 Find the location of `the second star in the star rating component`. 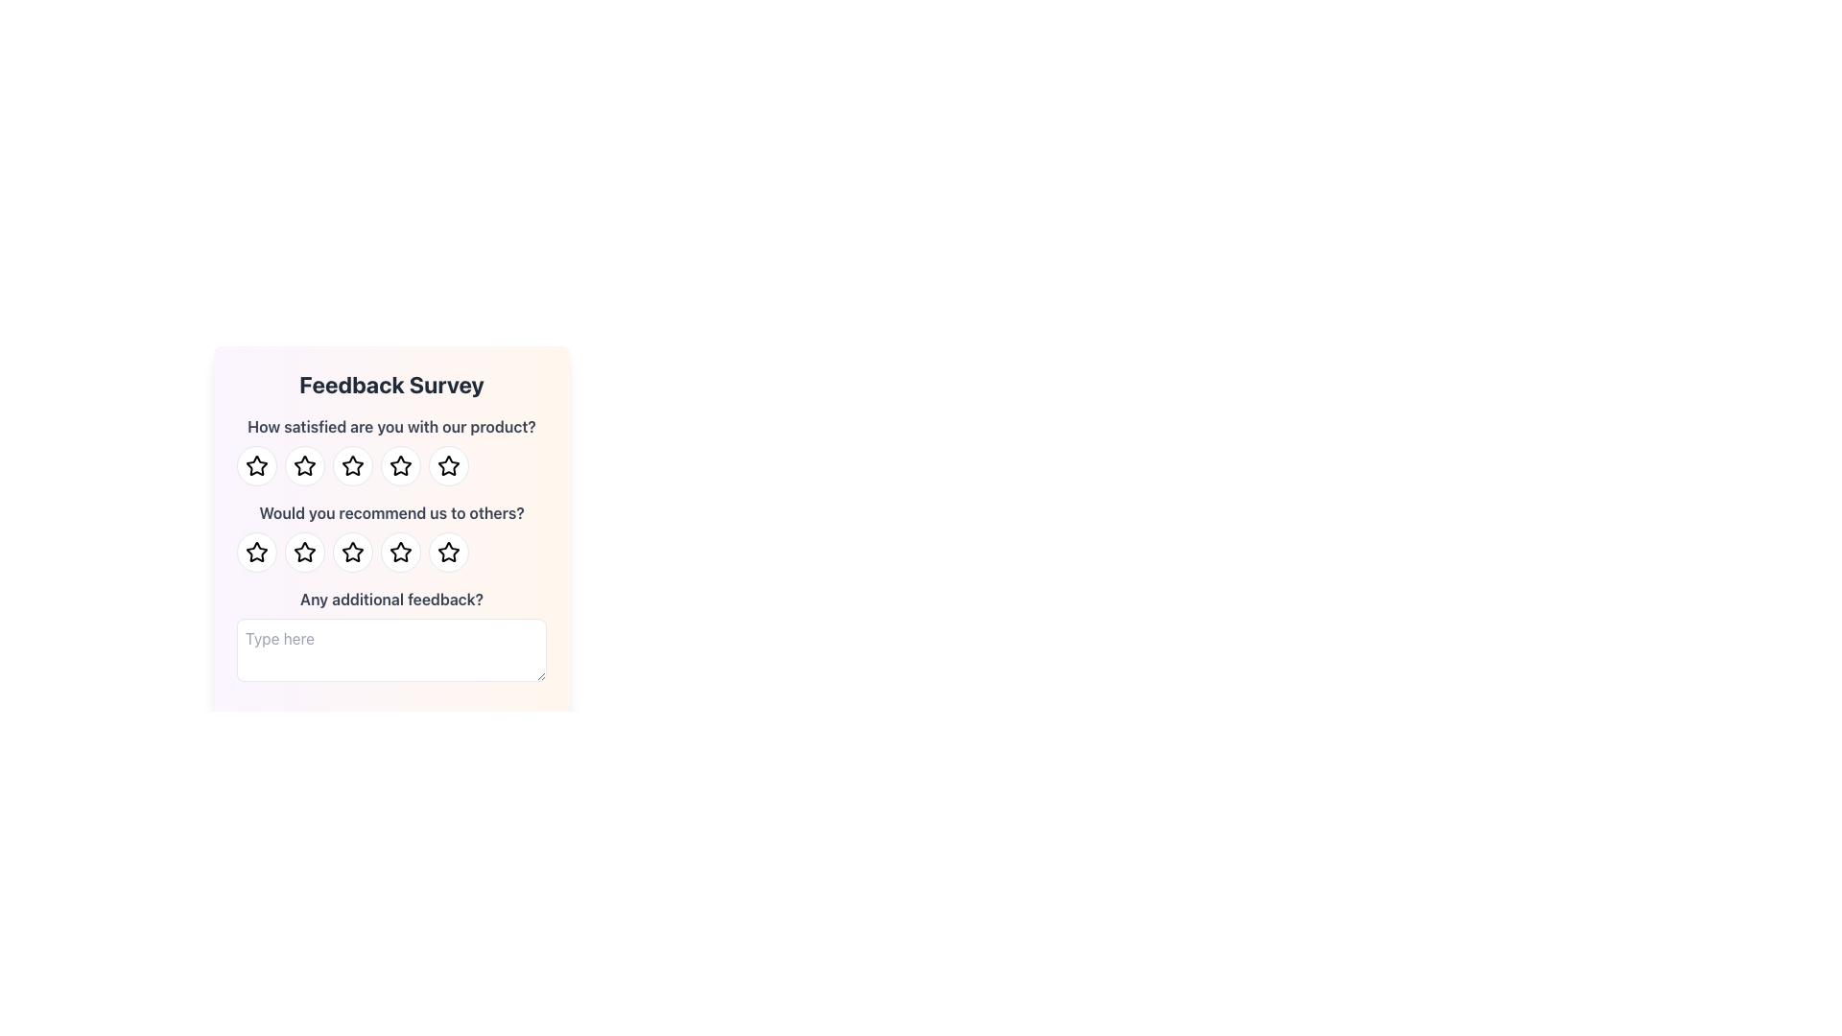

the second star in the star rating component is located at coordinates (353, 466).